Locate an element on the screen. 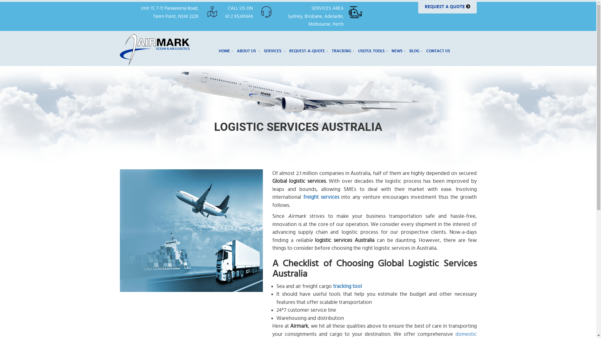 The height and width of the screenshot is (338, 601). 'TRACKING' is located at coordinates (342, 50).